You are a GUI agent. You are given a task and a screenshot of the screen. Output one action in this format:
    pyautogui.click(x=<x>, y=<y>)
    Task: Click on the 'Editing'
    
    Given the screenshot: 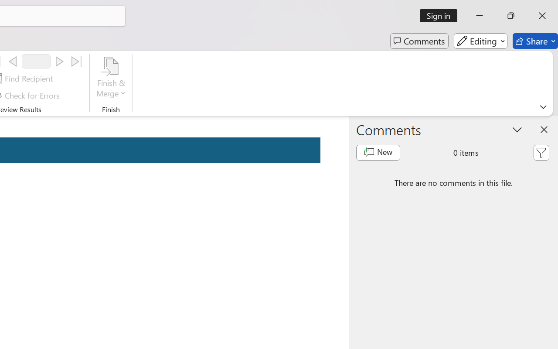 What is the action you would take?
    pyautogui.click(x=480, y=41)
    